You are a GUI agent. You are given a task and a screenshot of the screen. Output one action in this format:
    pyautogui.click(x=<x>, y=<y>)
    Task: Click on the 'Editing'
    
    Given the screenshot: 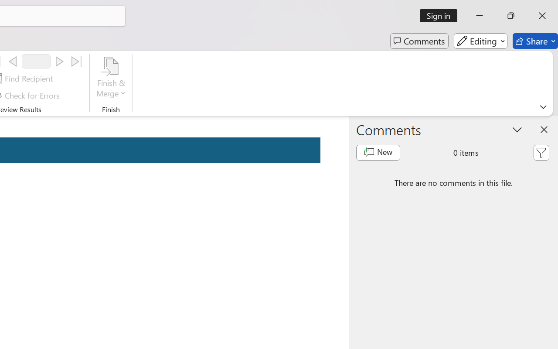 What is the action you would take?
    pyautogui.click(x=480, y=41)
    